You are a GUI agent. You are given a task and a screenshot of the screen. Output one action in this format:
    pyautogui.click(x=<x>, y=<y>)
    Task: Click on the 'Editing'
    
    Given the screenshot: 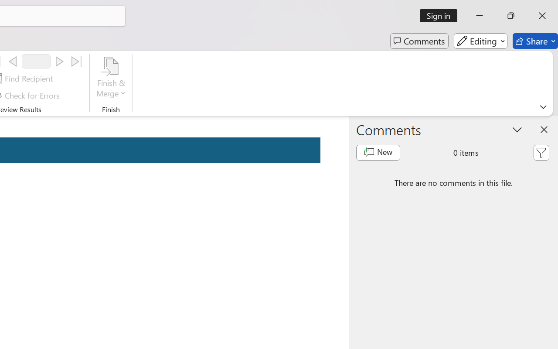 What is the action you would take?
    pyautogui.click(x=480, y=41)
    